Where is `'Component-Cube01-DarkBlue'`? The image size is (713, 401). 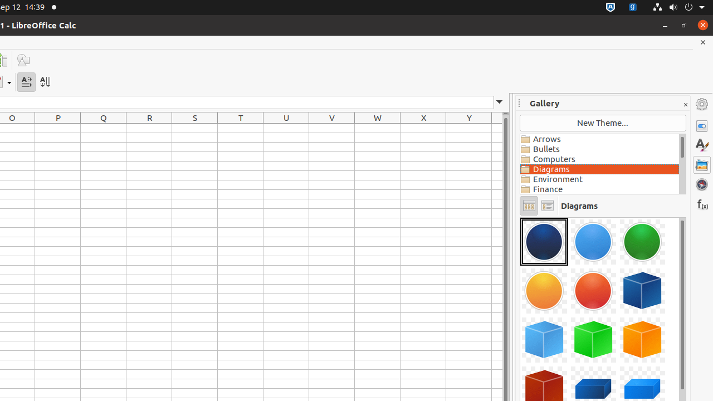 'Component-Cube01-DarkBlue' is located at coordinates (642, 290).